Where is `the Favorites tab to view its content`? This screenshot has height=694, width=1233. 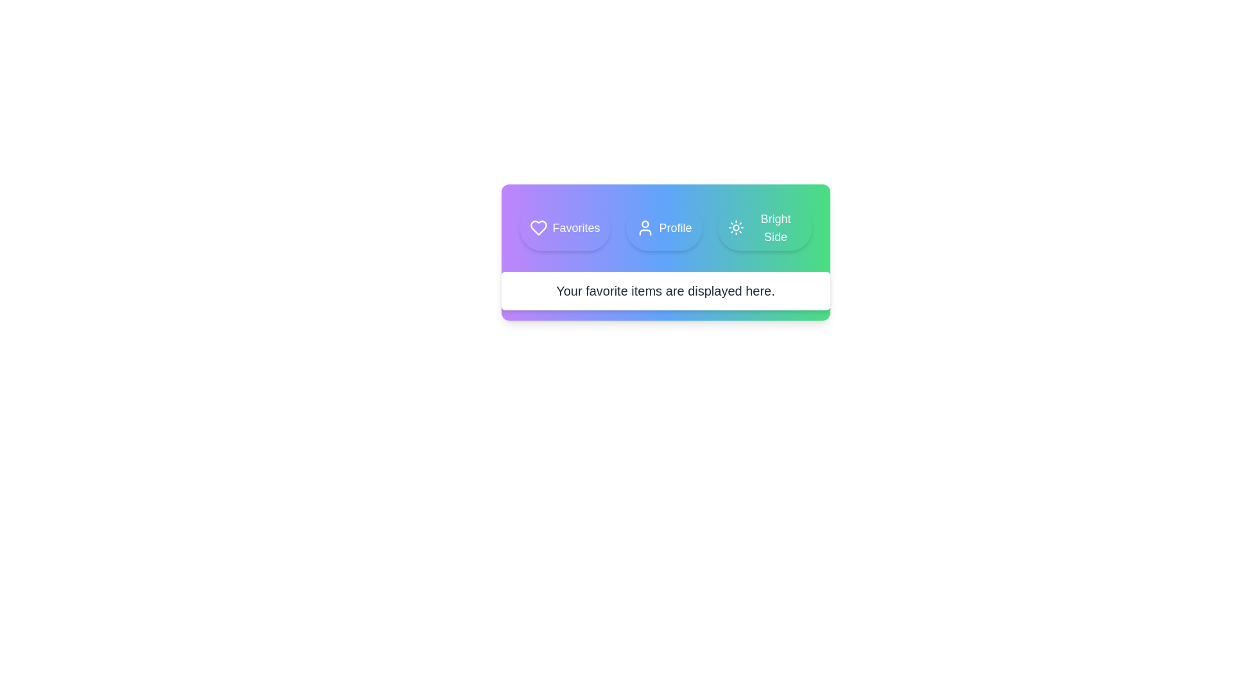
the Favorites tab to view its content is located at coordinates (564, 227).